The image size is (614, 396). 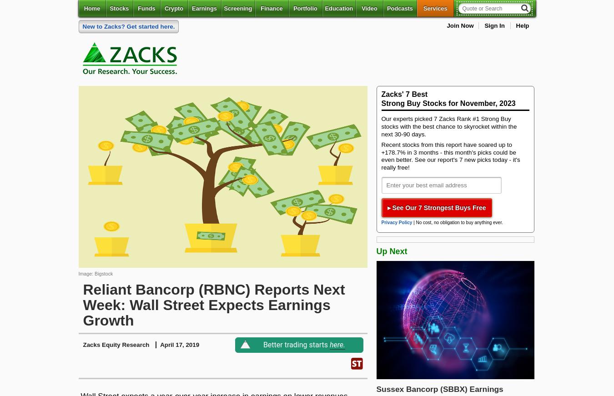 I want to click on '▸ See Our 7 Strongest Buys Free', so click(x=436, y=208).